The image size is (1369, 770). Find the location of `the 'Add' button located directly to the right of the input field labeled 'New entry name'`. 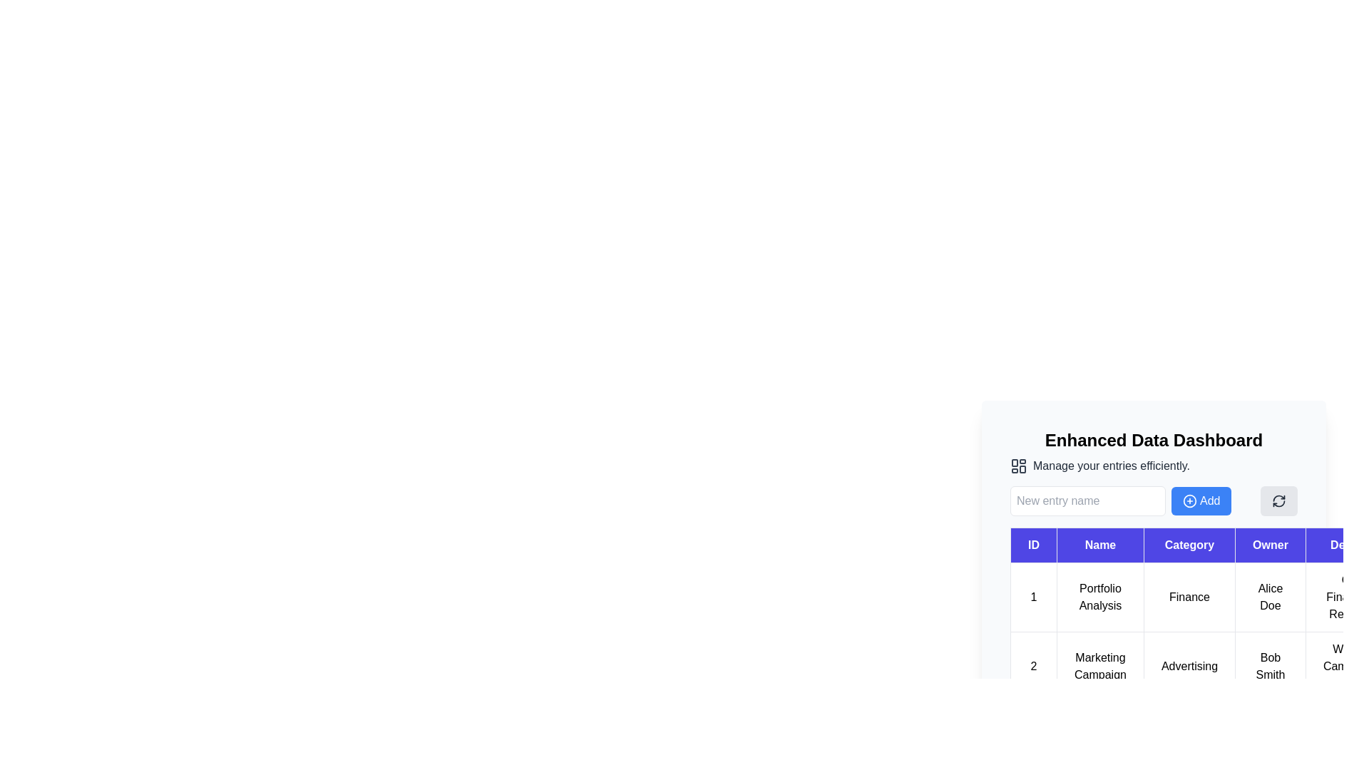

the 'Add' button located directly to the right of the input field labeled 'New entry name' is located at coordinates (1201, 500).